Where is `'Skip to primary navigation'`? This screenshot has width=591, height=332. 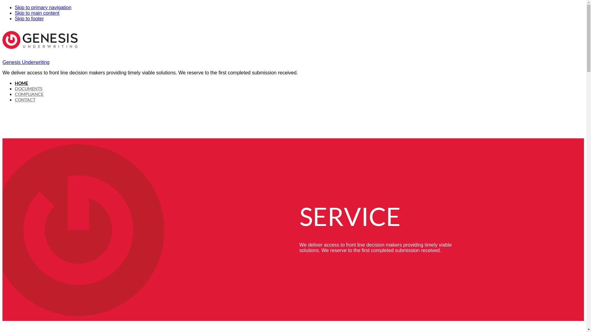 'Skip to primary navigation' is located at coordinates (42, 7).